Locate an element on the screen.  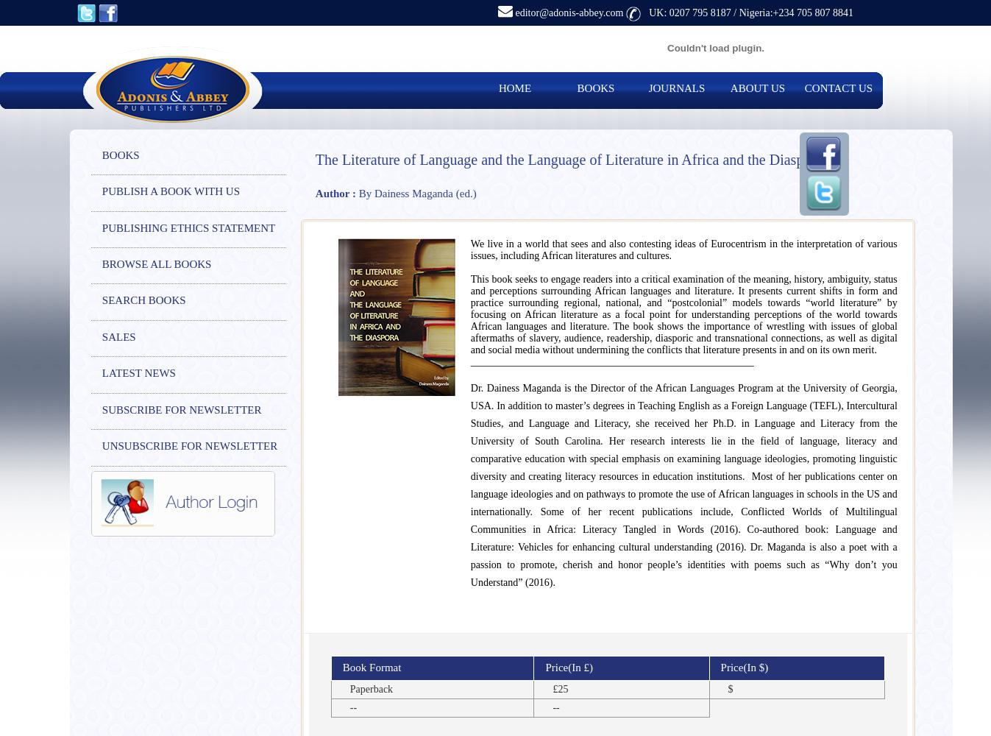
'SUBSCRIBE FOR NEWSLETTER' is located at coordinates (100, 409).